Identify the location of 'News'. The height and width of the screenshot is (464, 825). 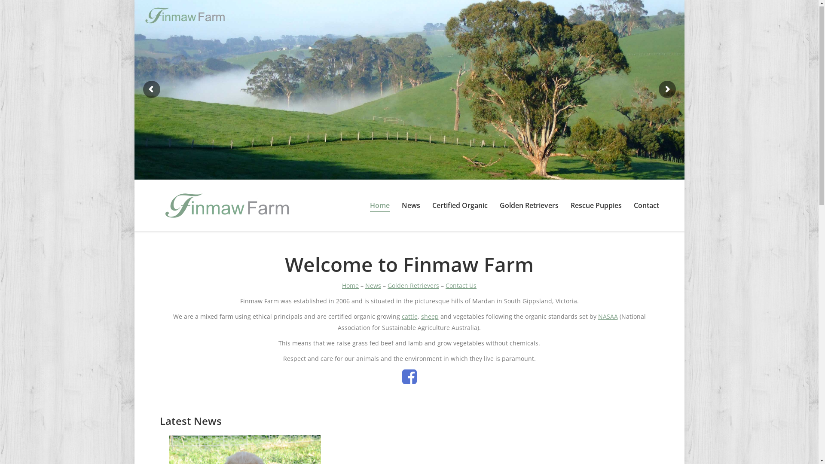
(373, 286).